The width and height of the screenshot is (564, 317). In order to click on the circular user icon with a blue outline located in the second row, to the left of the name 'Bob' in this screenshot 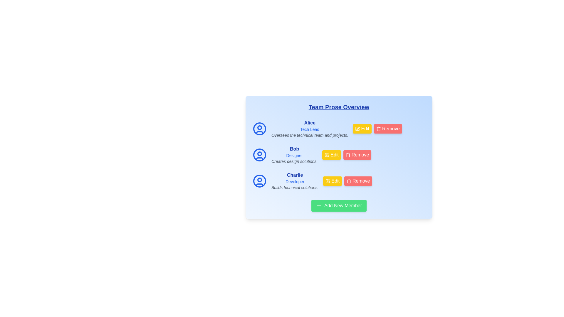, I will do `click(259, 155)`.